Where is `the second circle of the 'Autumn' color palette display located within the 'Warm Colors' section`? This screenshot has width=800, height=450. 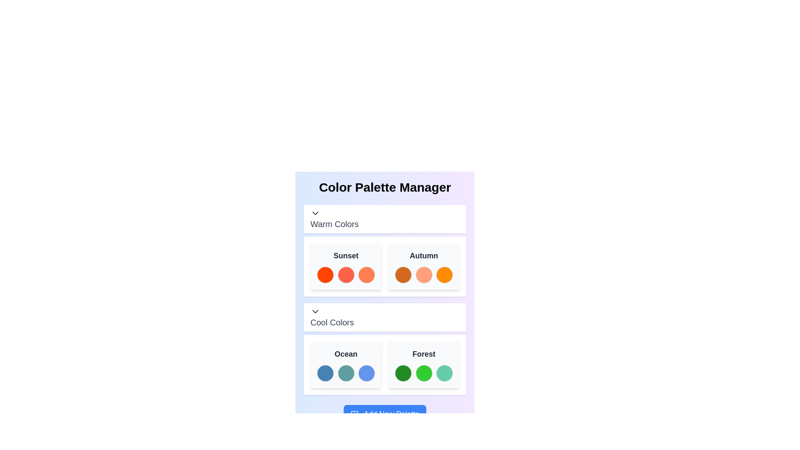 the second circle of the 'Autumn' color palette display located within the 'Warm Colors' section is located at coordinates (424, 275).